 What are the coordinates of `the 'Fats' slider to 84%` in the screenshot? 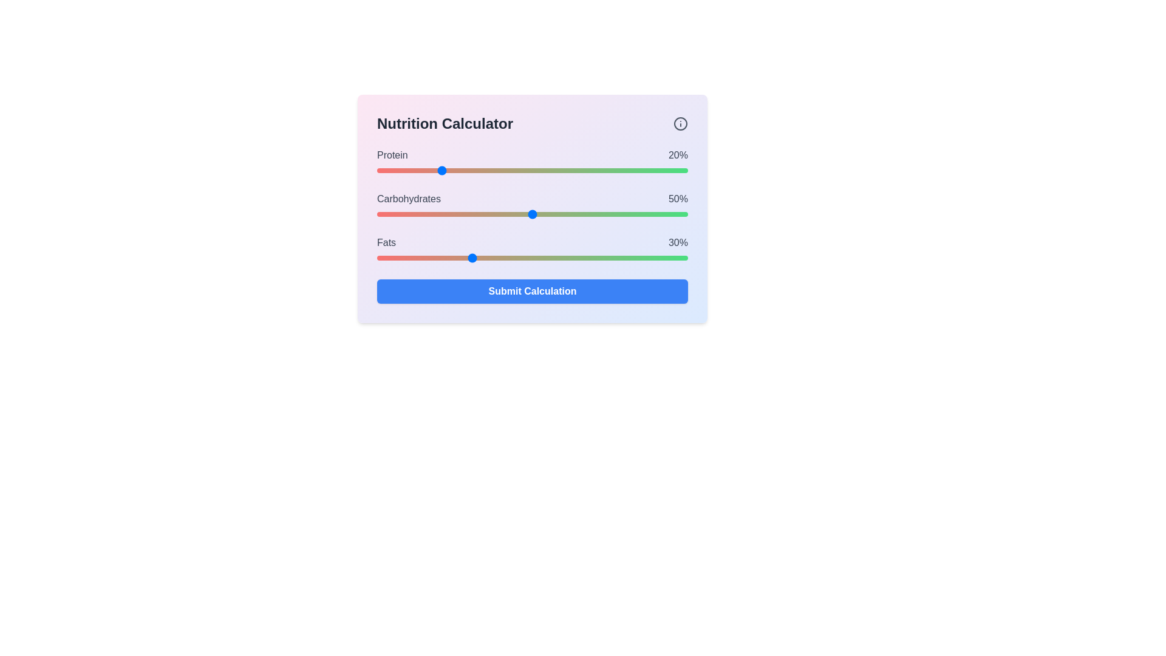 It's located at (638, 257).